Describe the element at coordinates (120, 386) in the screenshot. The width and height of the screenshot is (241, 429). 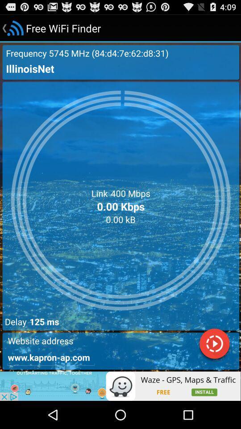
I see `advertisement link` at that location.